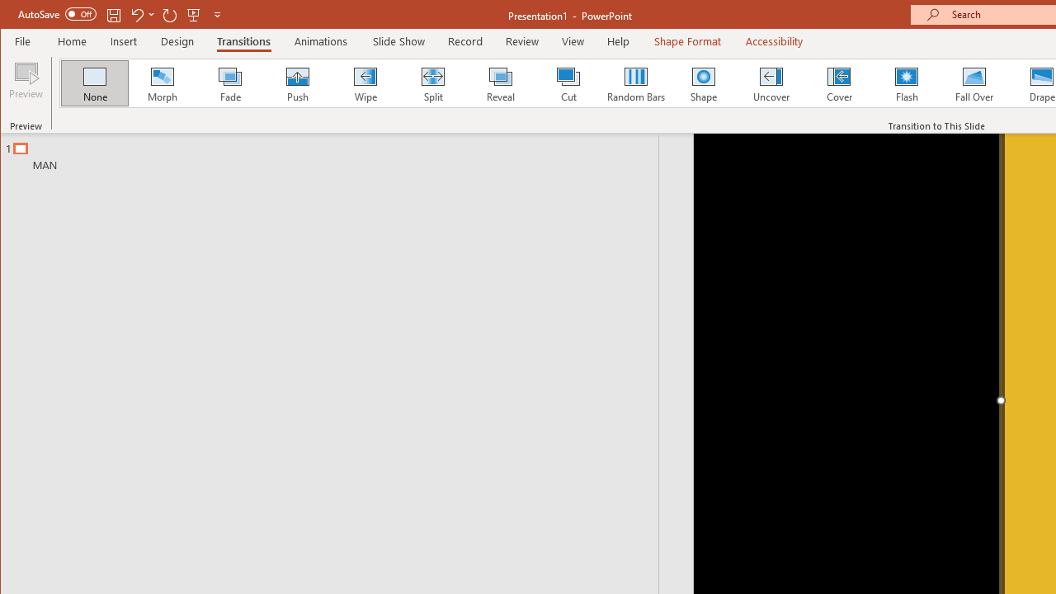 This screenshot has height=594, width=1056. What do you see at coordinates (123, 40) in the screenshot?
I see `'Insert'` at bounding box center [123, 40].